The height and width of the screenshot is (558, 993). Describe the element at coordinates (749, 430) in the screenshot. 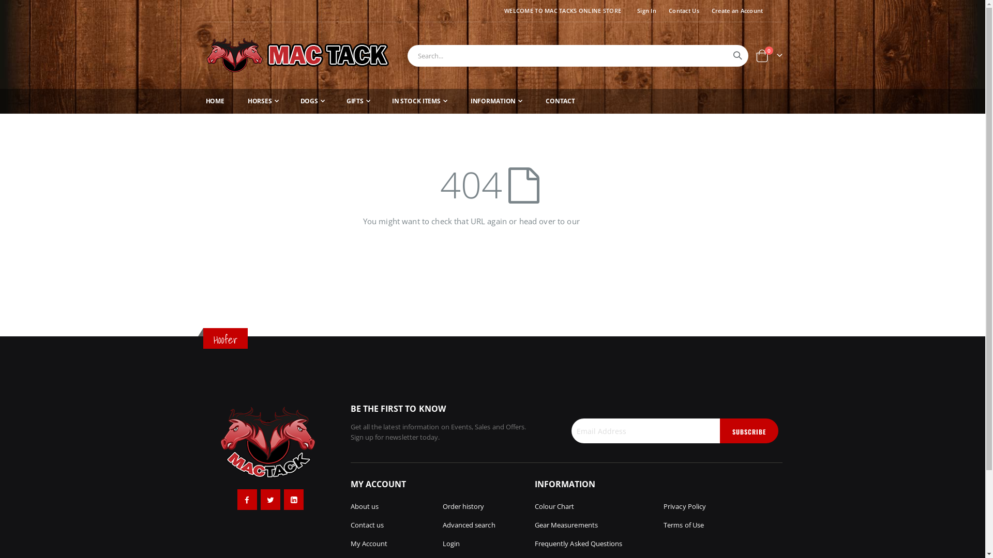

I see `'SUBSCRIBE'` at that location.